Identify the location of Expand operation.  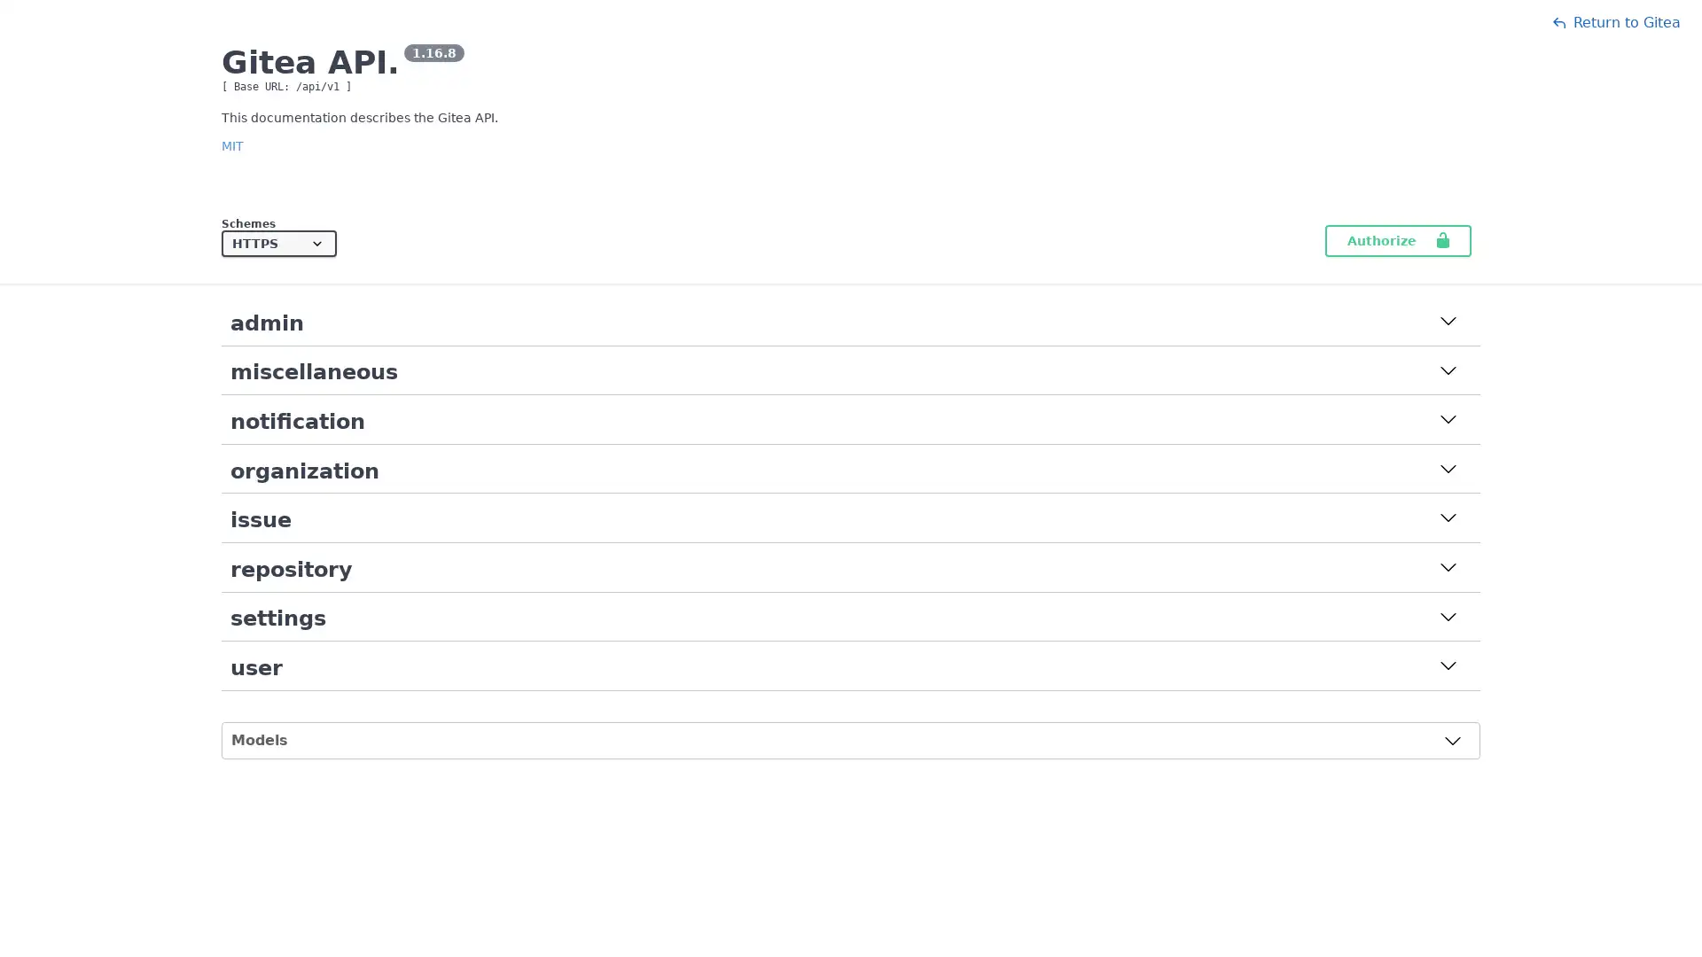
(1448, 421).